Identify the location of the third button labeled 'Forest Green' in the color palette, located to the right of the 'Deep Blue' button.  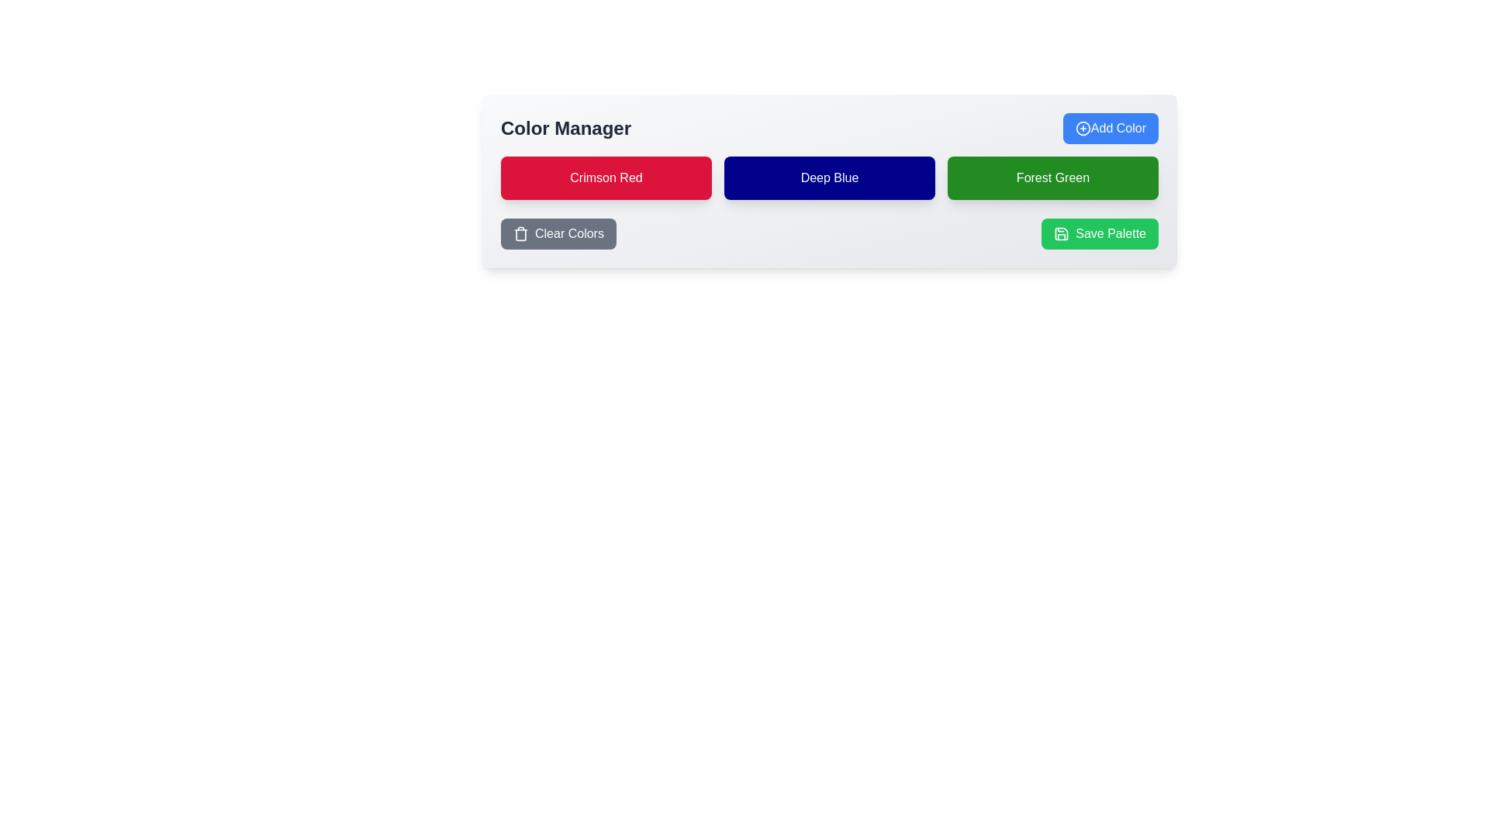
(1053, 177).